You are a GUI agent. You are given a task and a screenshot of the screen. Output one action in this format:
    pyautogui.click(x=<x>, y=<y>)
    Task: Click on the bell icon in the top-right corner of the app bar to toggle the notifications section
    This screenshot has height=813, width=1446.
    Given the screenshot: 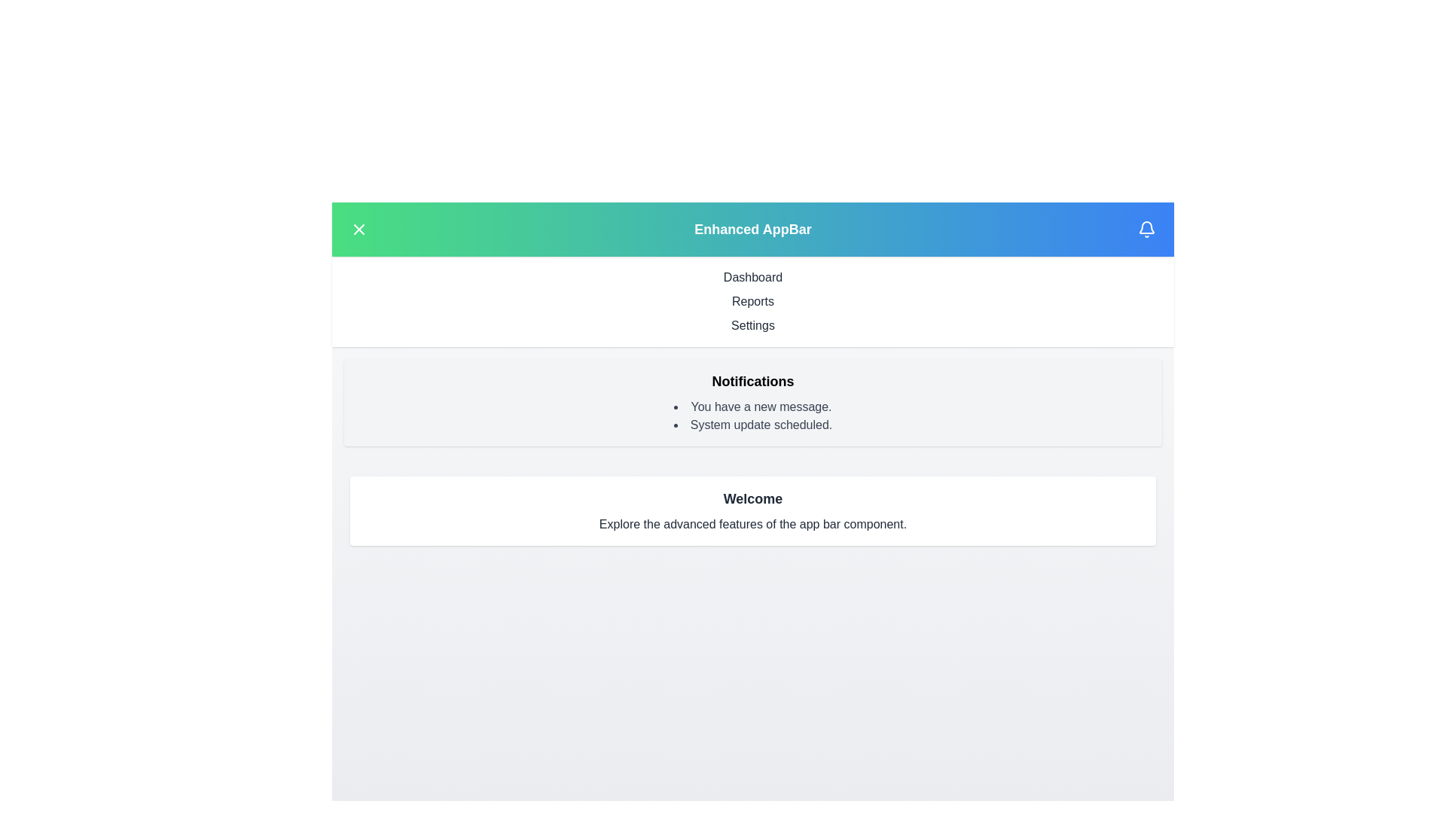 What is the action you would take?
    pyautogui.click(x=1145, y=229)
    